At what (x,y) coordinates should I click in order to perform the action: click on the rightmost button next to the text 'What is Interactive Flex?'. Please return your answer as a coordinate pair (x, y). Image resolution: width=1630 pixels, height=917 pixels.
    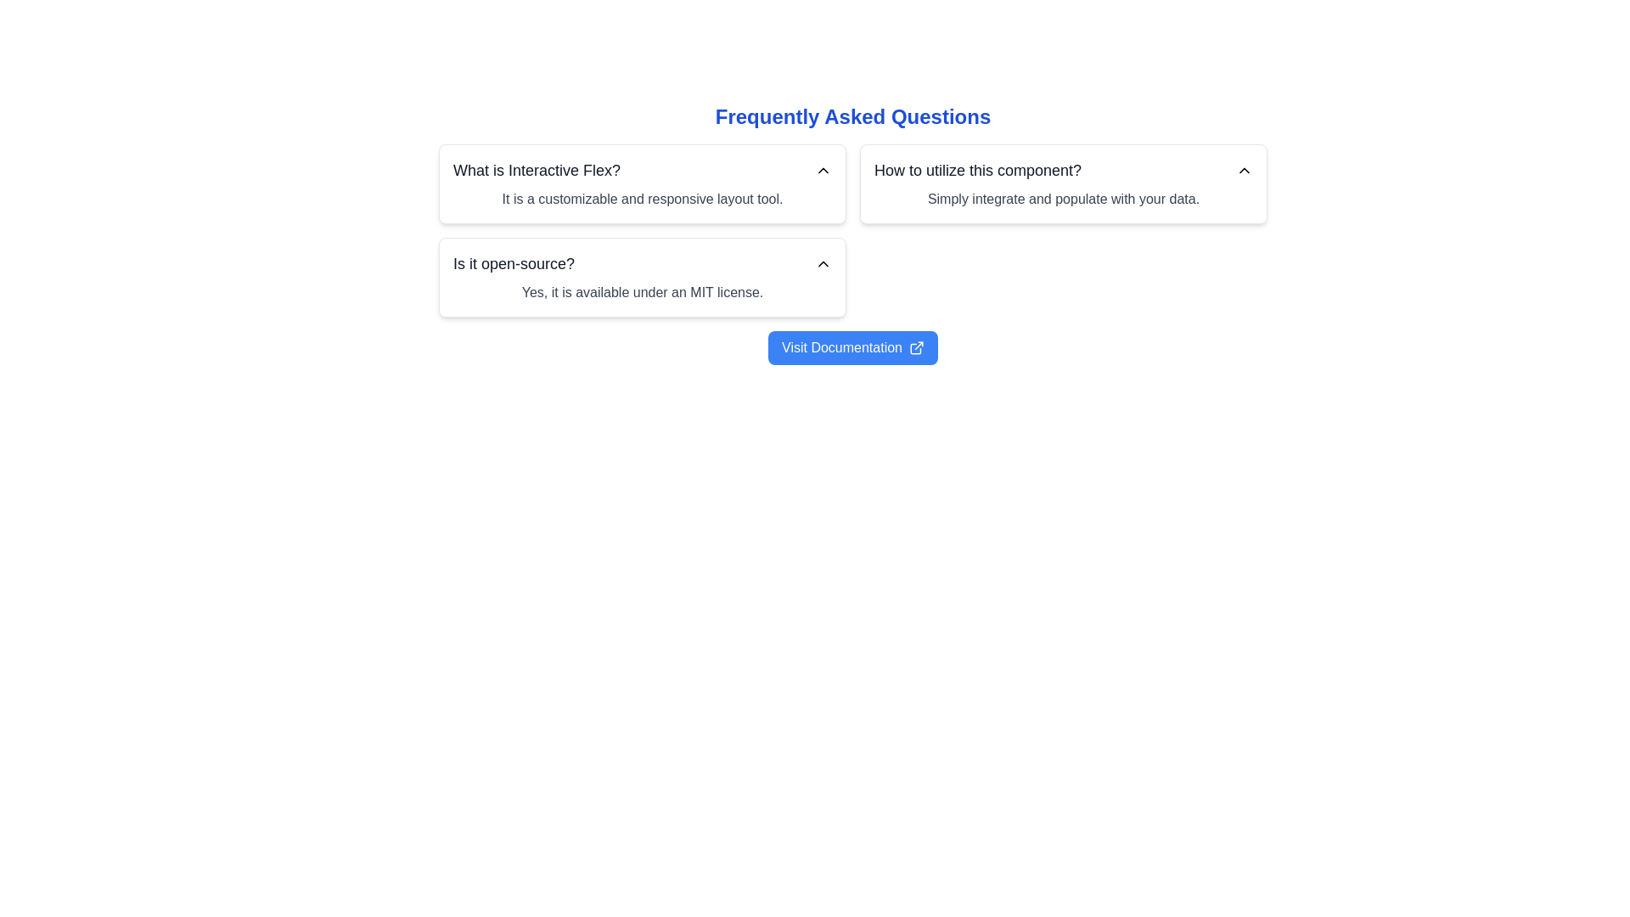
    Looking at the image, I should click on (823, 170).